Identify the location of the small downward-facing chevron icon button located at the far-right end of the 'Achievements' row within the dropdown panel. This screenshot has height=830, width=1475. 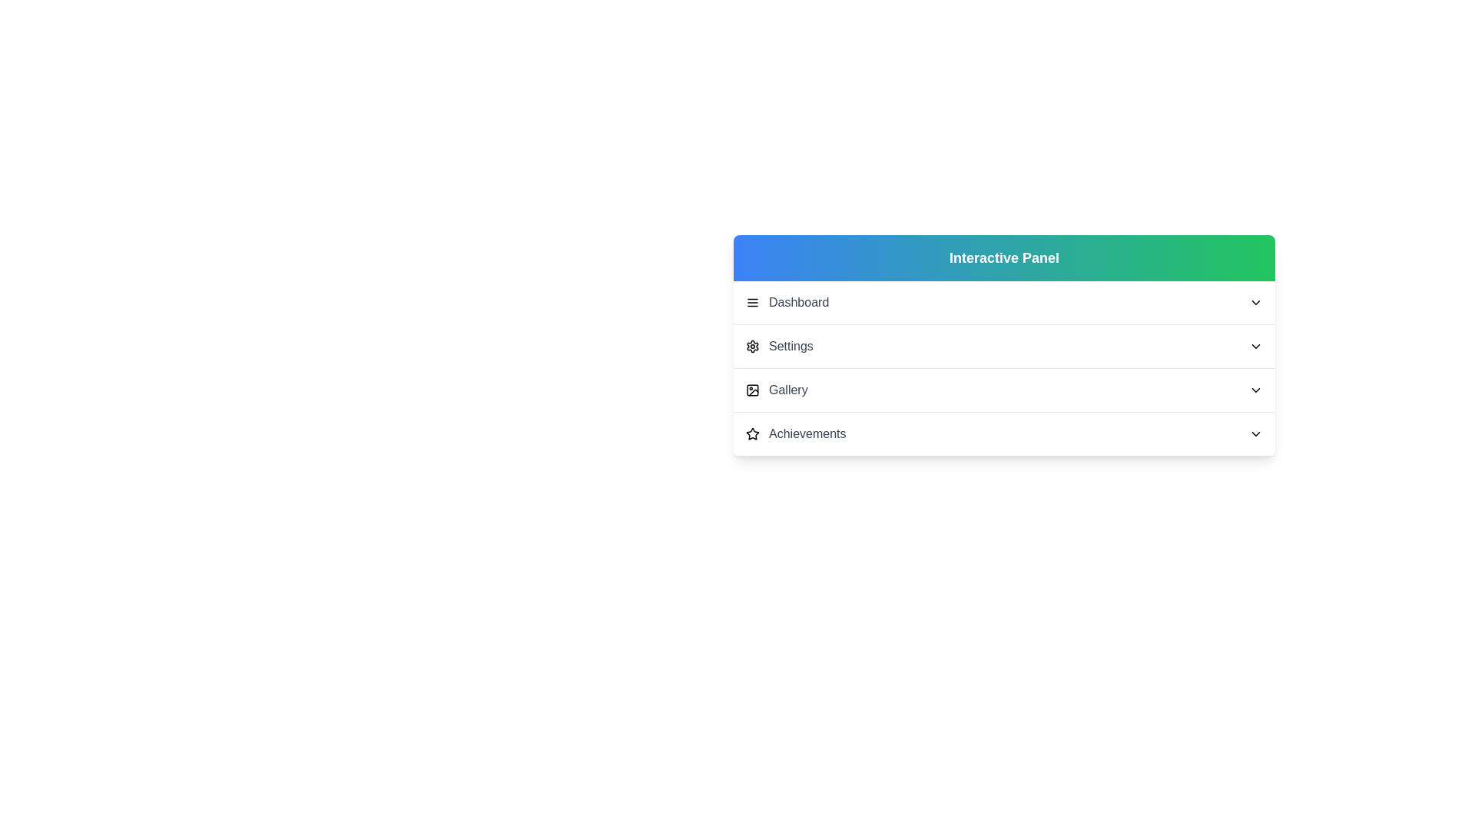
(1256, 433).